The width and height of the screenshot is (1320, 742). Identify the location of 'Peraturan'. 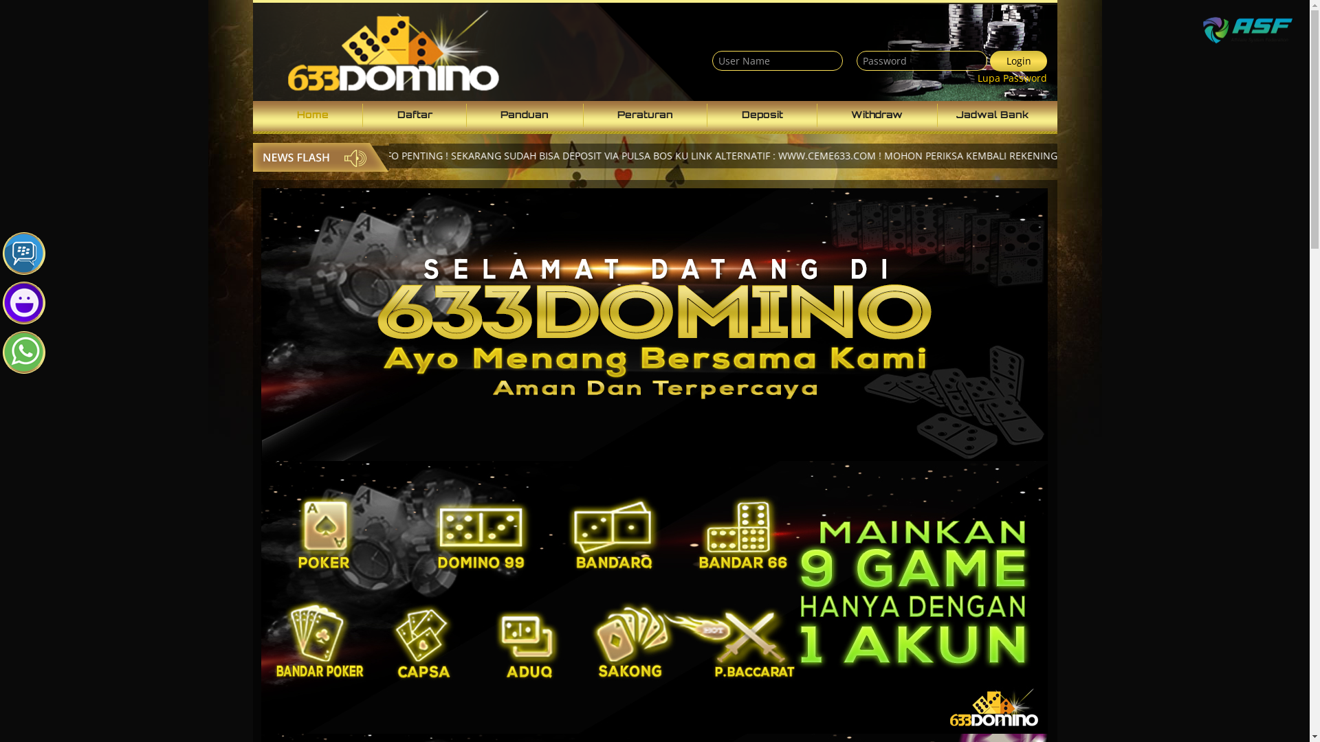
(584, 115).